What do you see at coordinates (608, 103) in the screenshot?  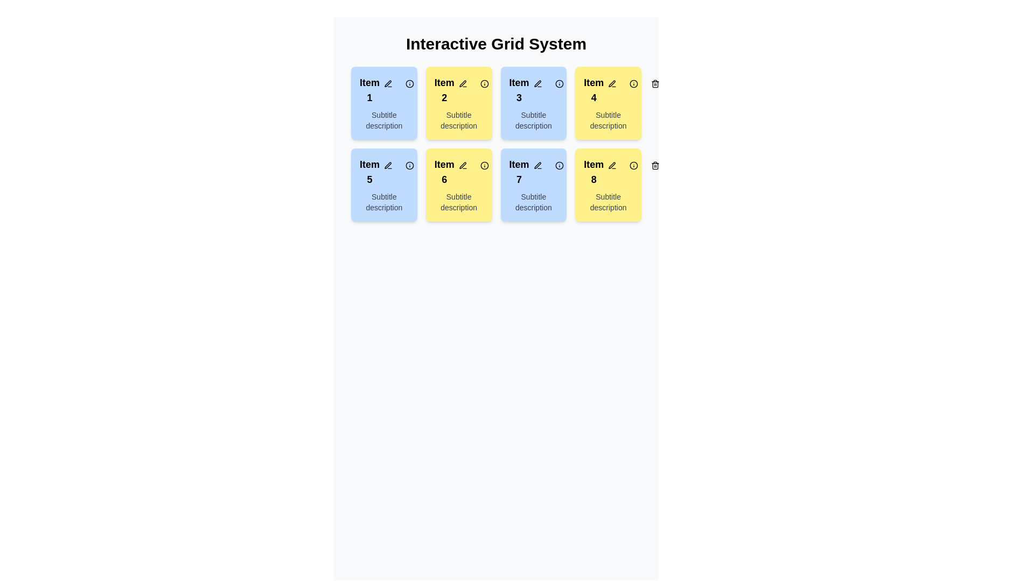 I see `the Card element located in the first row, fourth column of the grid layout, which contains textual and iconographic information` at bounding box center [608, 103].